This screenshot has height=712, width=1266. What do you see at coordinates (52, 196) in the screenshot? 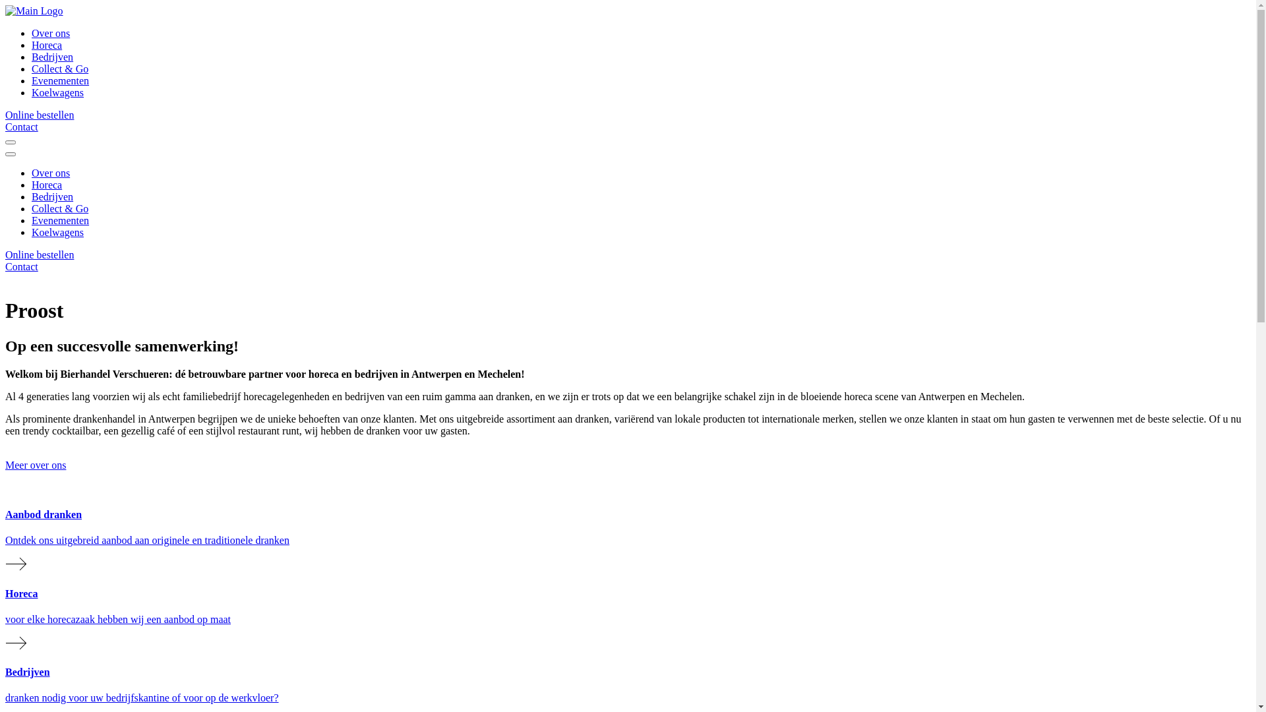
I see `'Bedrijven'` at bounding box center [52, 196].